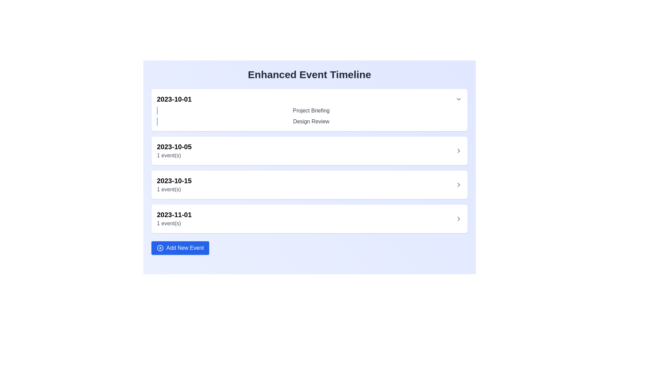 The image size is (652, 367). What do you see at coordinates (160, 248) in the screenshot?
I see `the circular icon with a visible border and filled center, located on the left side of the blue button labeled 'Add New Event'` at bounding box center [160, 248].